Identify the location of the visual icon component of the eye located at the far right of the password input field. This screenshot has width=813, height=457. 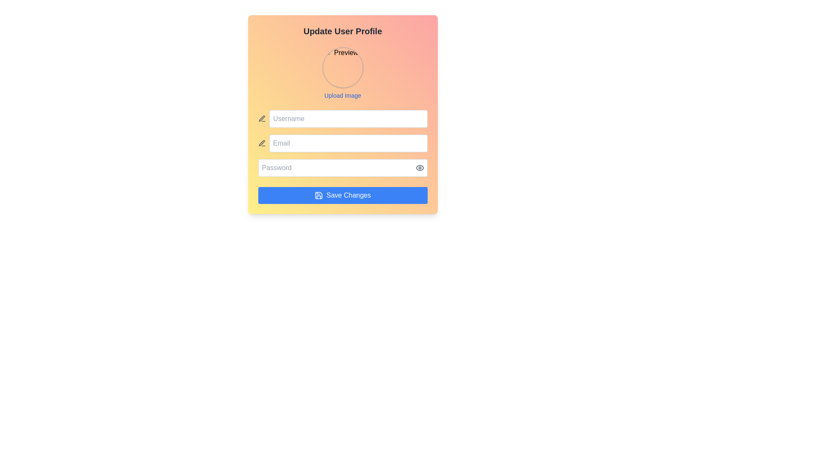
(420, 168).